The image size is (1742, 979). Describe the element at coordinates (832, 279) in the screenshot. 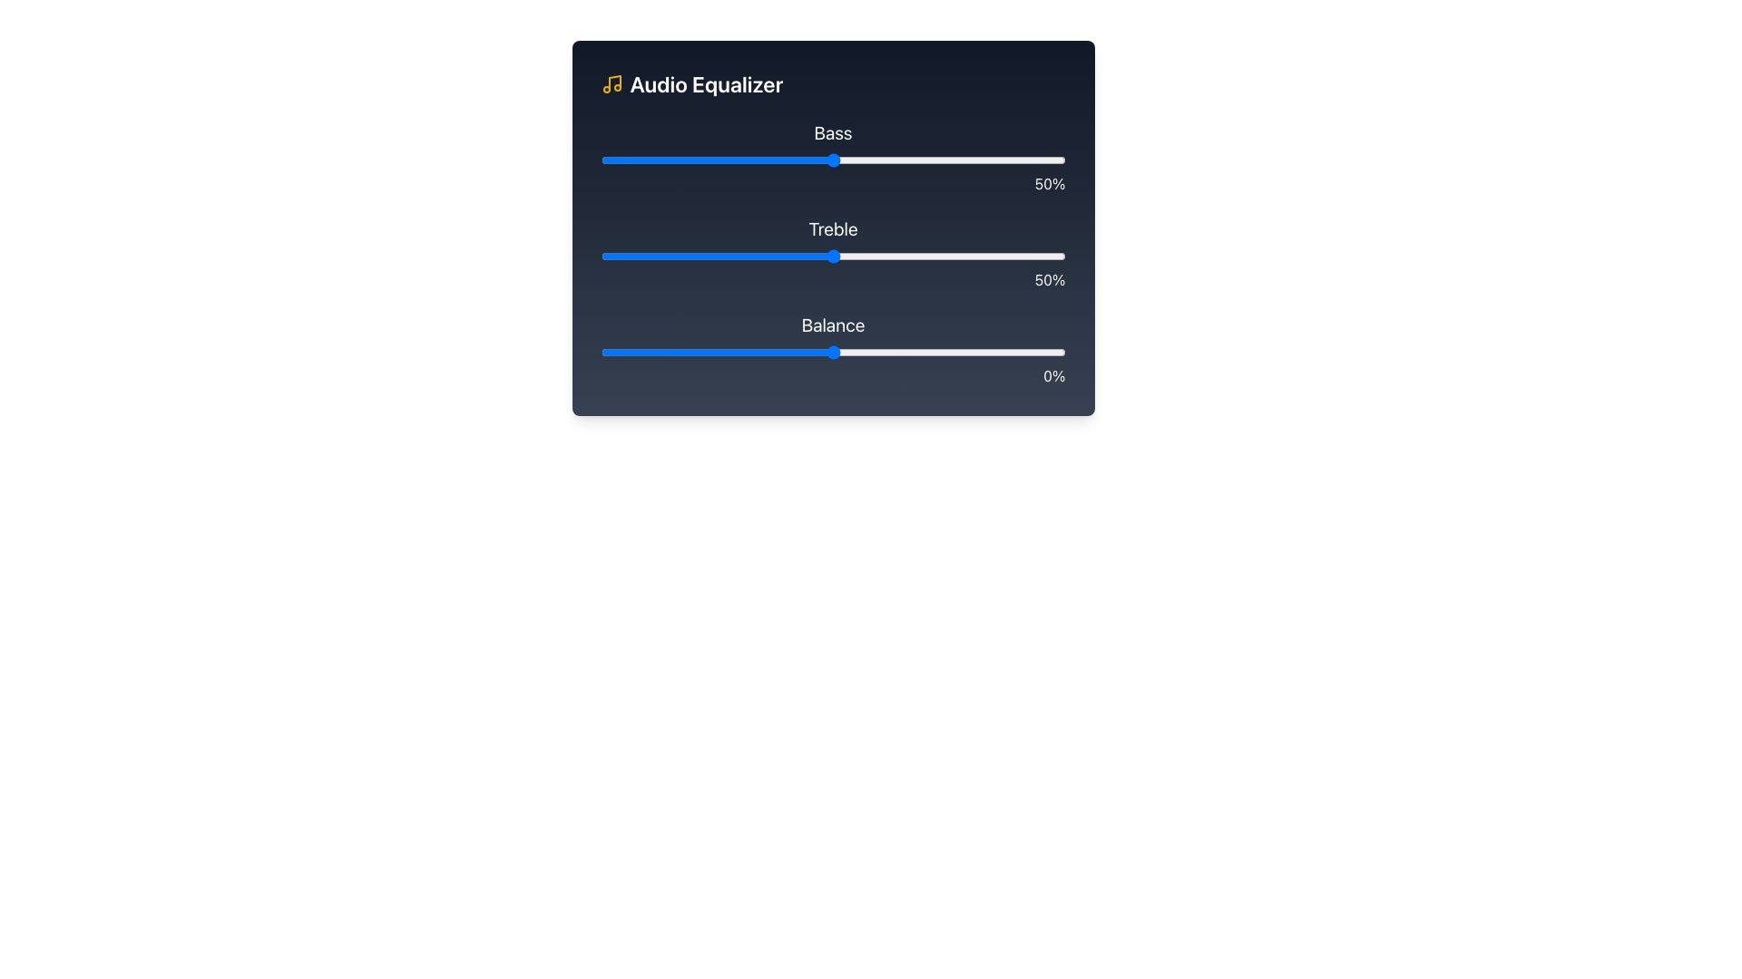

I see `the text label displaying '50%' located at the right-hand side of the slider for the 'Treble' control in the audio equalizer interface` at that location.